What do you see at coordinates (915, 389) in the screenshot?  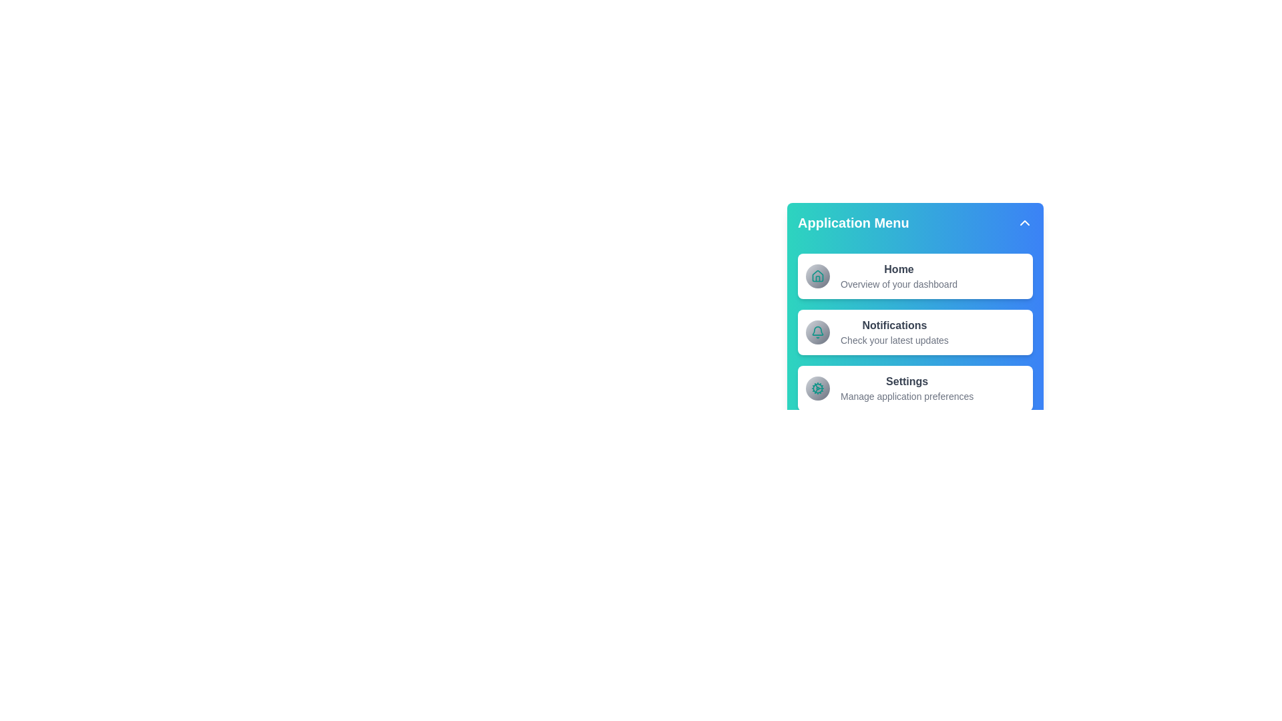 I see `the menu item Settings to view its hover effect` at bounding box center [915, 389].